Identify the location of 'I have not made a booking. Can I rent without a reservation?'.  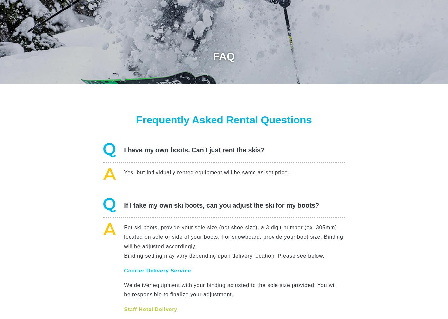
(216, 192).